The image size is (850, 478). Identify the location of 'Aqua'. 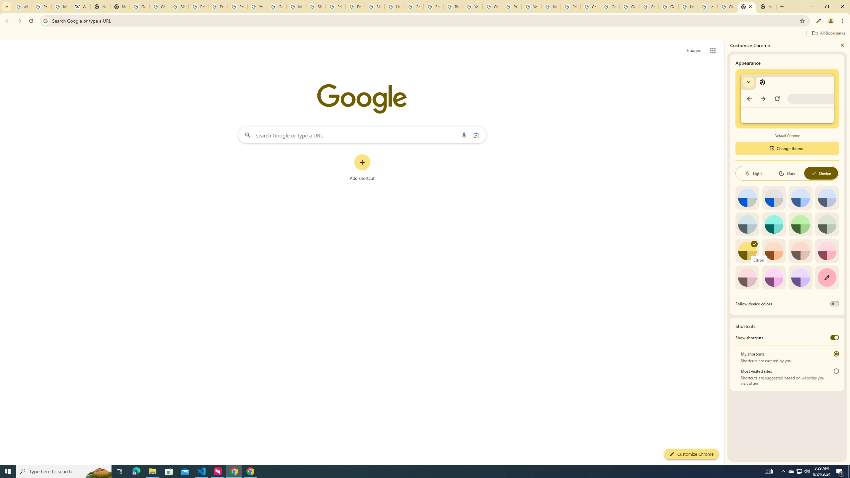
(773, 224).